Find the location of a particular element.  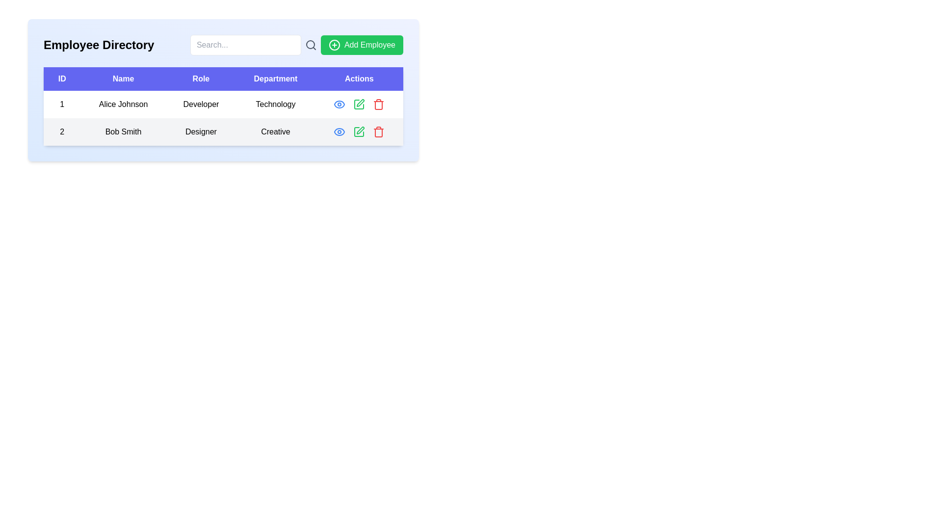

the Text element displaying the name 'Alice Johnson' in the second column of the first row in the employee directory table is located at coordinates (123, 104).